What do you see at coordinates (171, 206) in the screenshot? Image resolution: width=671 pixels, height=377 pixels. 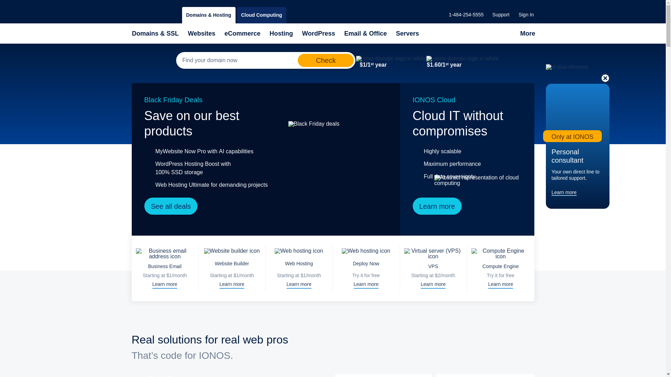 I see `'See all deals'` at bounding box center [171, 206].